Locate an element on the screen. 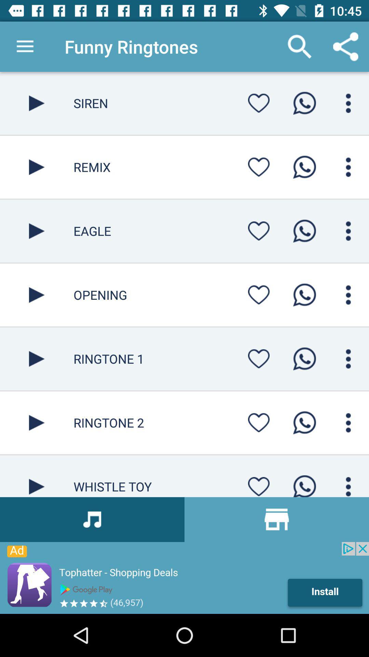 The image size is (369, 657). to play that particular item is located at coordinates (37, 358).